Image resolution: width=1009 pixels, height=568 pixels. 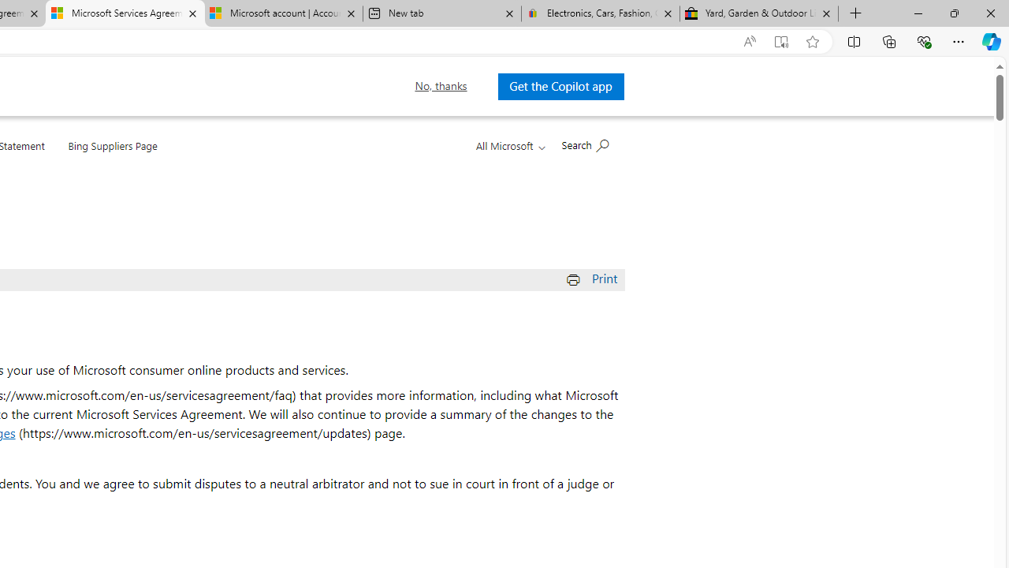 I want to click on 'Microsoft Services Agreement', so click(x=124, y=13).